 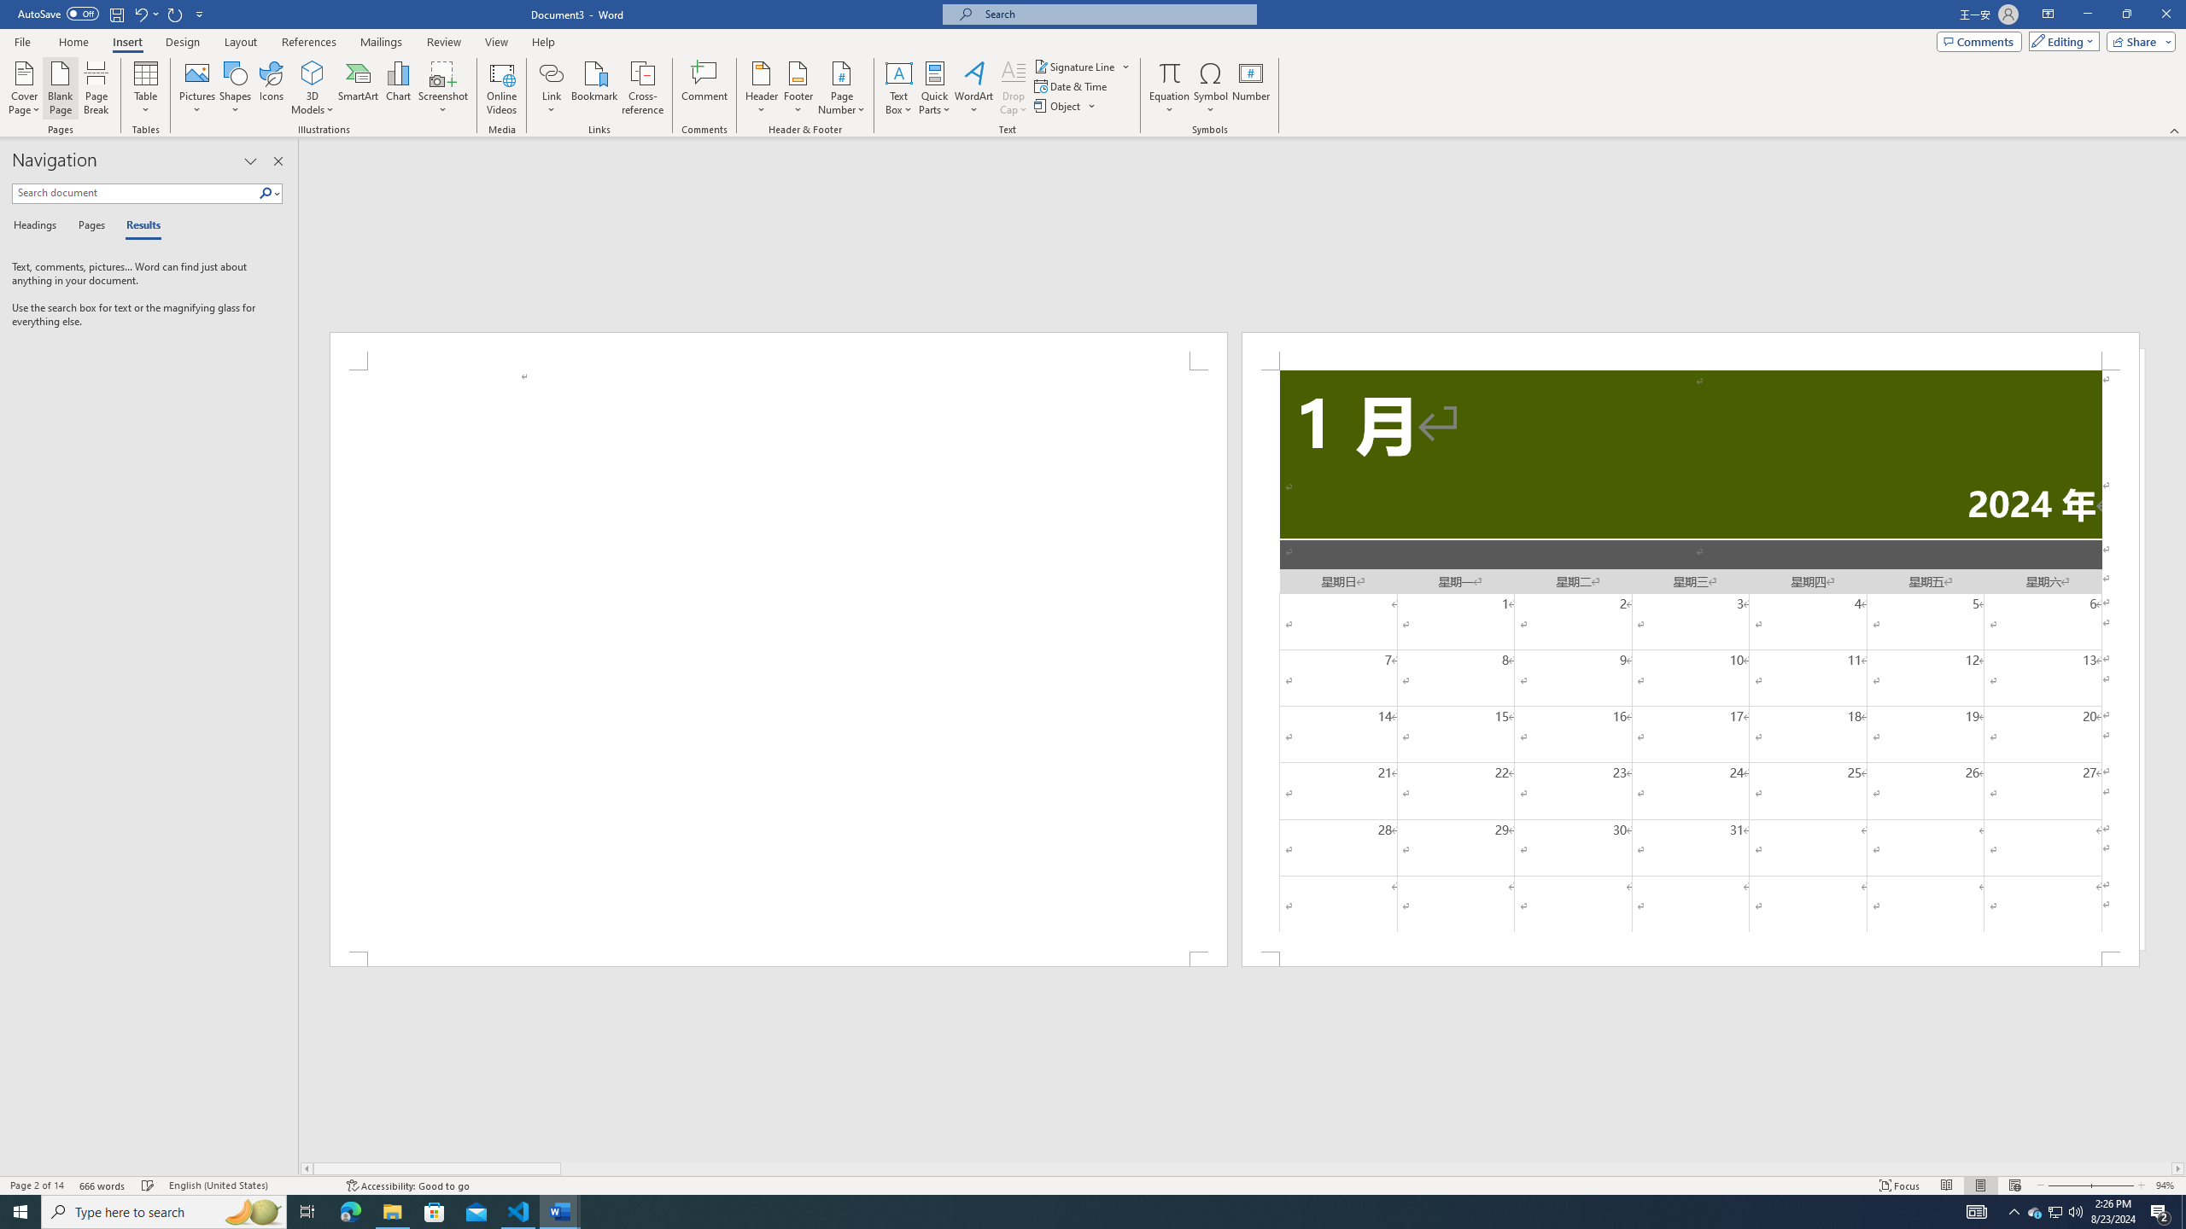 What do you see at coordinates (36, 1185) in the screenshot?
I see `'Page Number Page 2 of 14'` at bounding box center [36, 1185].